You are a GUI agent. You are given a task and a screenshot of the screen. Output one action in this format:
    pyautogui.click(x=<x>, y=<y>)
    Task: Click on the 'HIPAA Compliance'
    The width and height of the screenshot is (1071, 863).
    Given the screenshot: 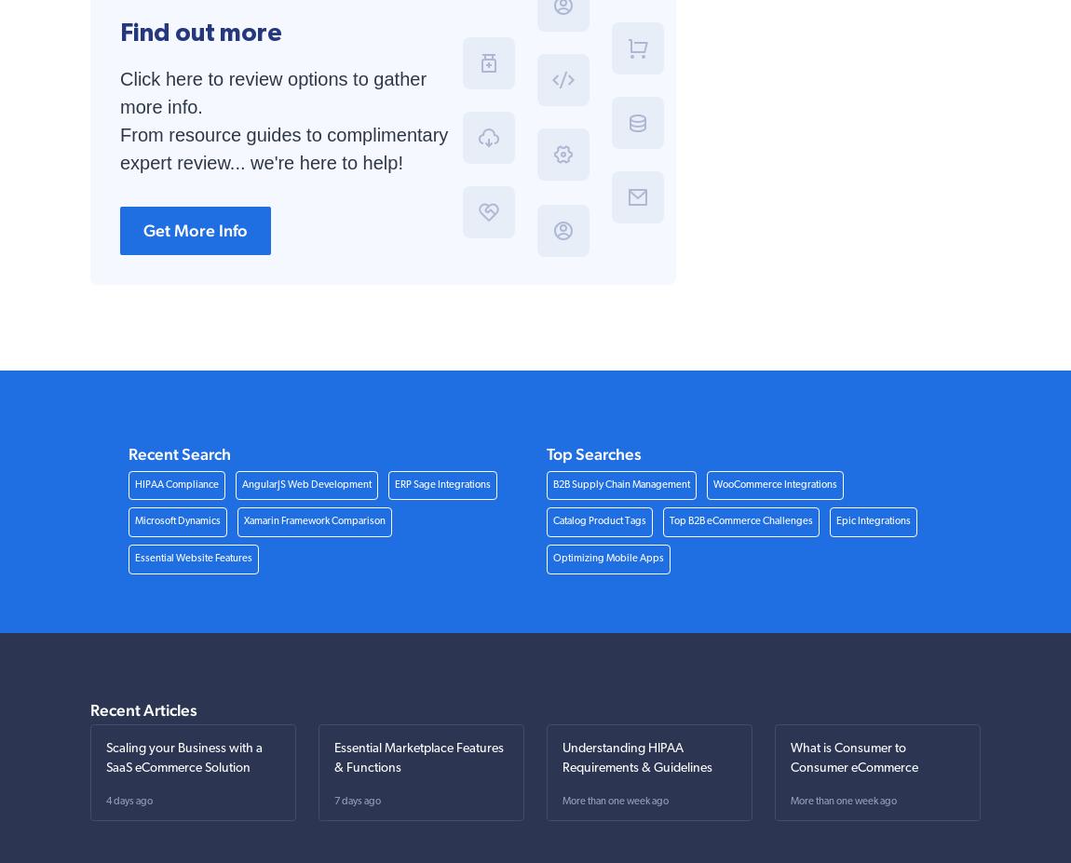 What is the action you would take?
    pyautogui.click(x=174, y=484)
    